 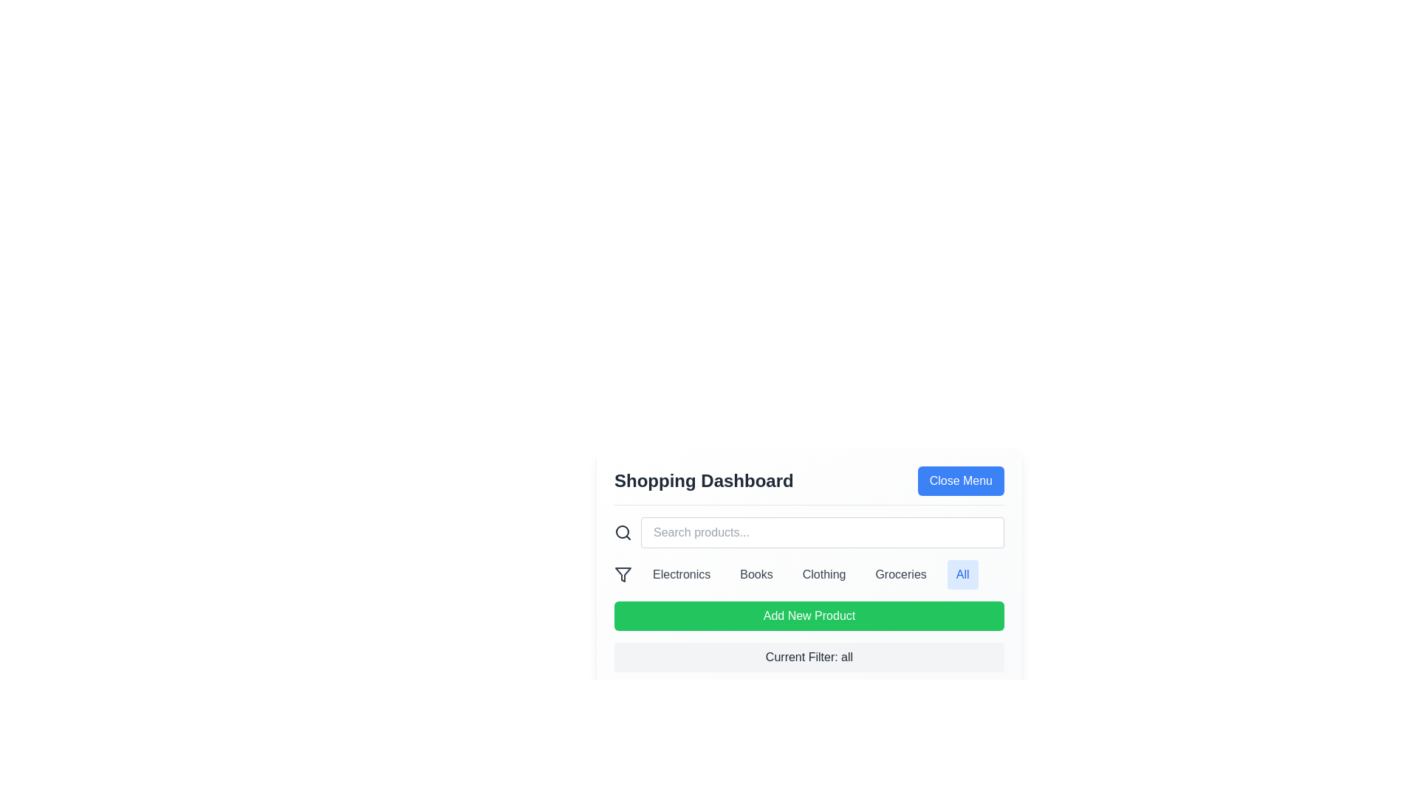 What do you see at coordinates (703, 480) in the screenshot?
I see `the 'Shopping Dashboard' text label which is displayed in bold, dark gray text on a light background, located to the left of the 'Close Menu' button` at bounding box center [703, 480].